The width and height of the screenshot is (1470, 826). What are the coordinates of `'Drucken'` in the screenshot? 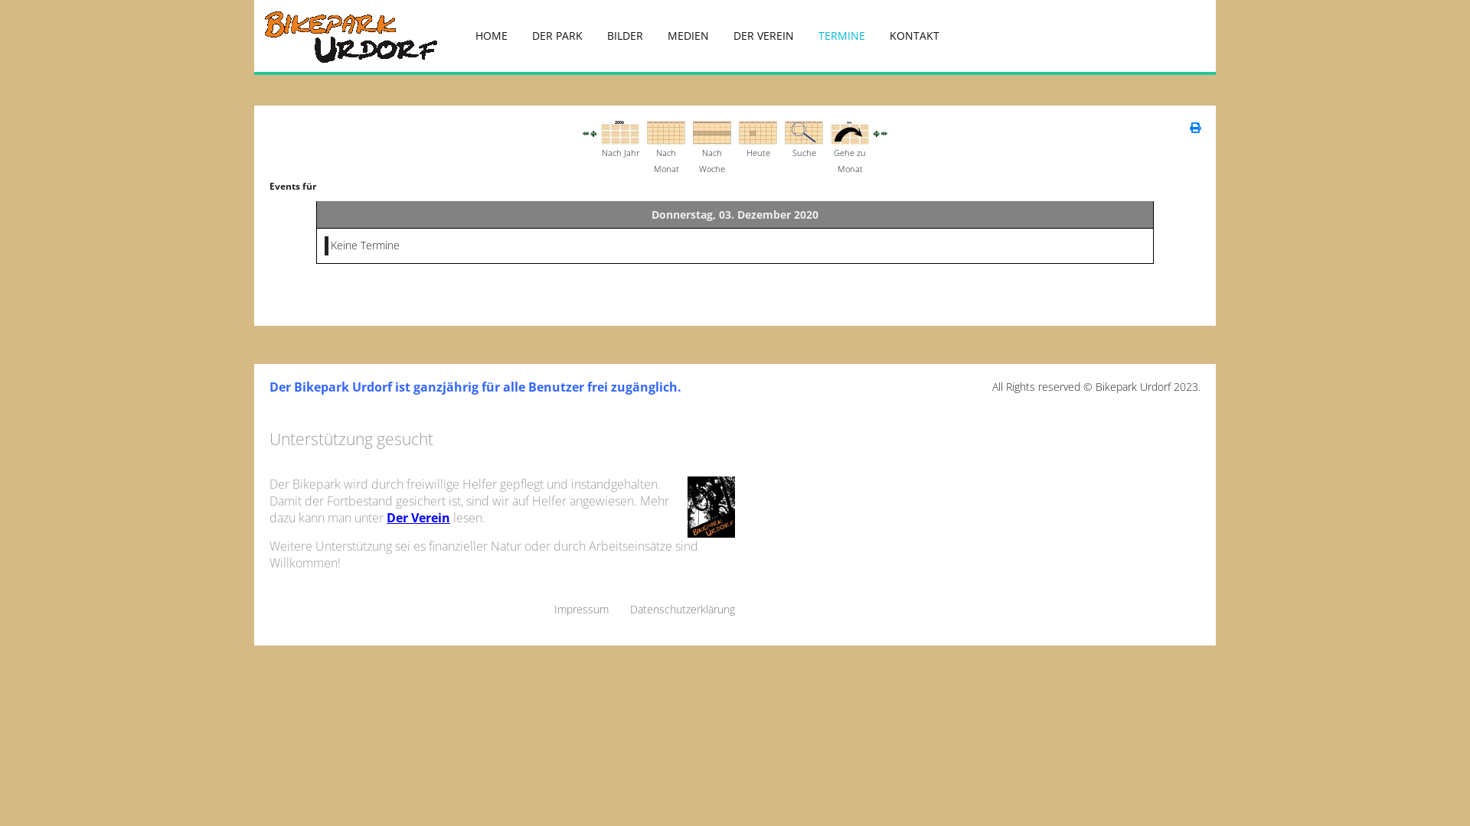 It's located at (1189, 126).